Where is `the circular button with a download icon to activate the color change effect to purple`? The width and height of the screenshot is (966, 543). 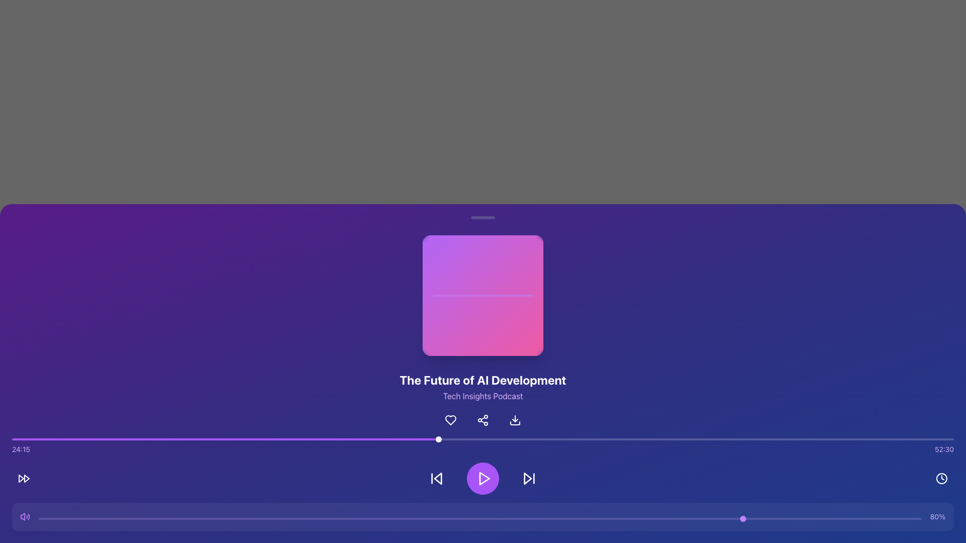 the circular button with a download icon to activate the color change effect to purple is located at coordinates (515, 420).